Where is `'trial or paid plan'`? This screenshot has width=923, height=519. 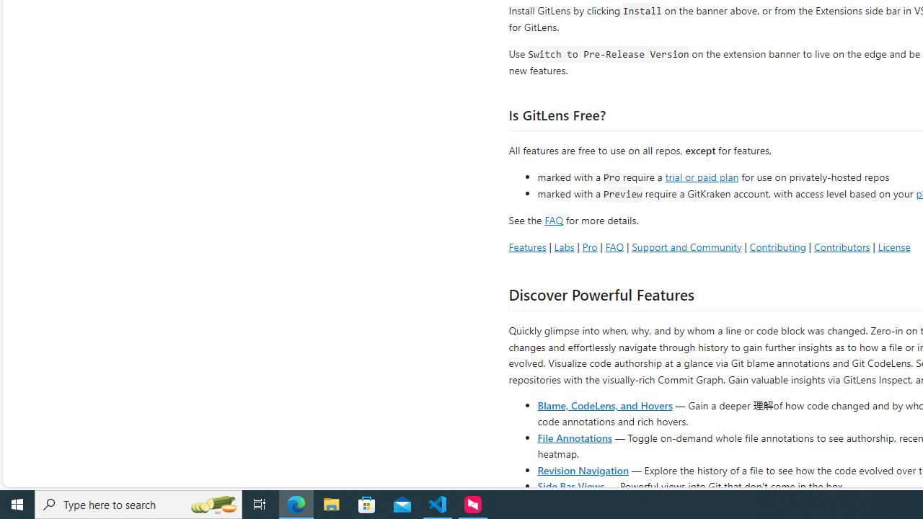
'trial or paid plan' is located at coordinates (702, 175).